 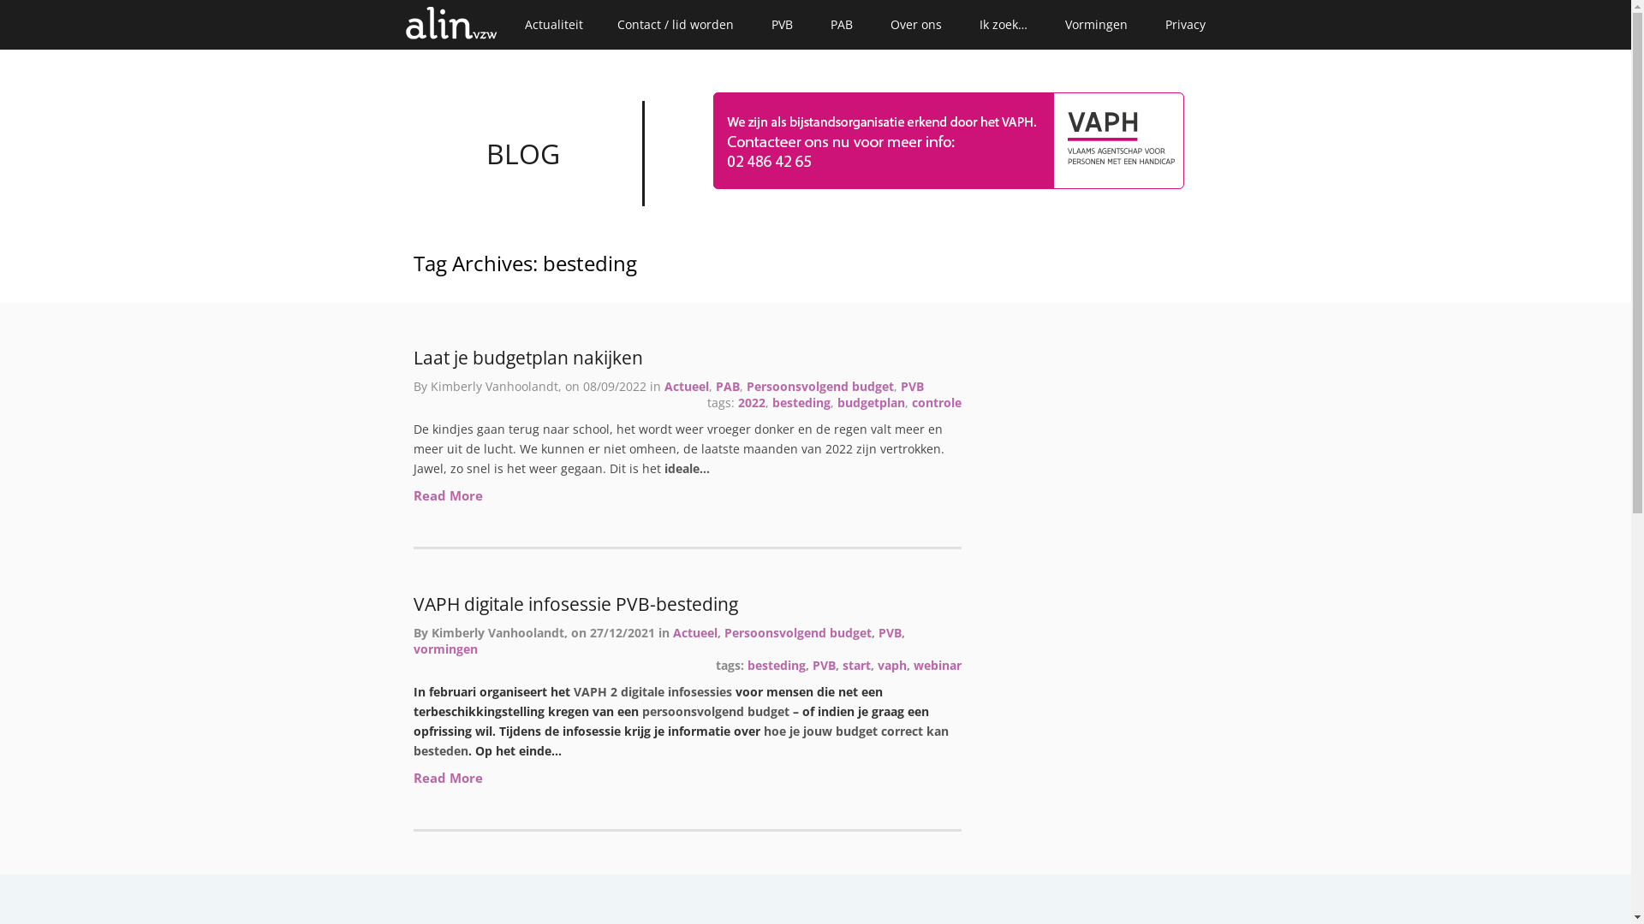 I want to click on 'Over ons', so click(x=915, y=25).